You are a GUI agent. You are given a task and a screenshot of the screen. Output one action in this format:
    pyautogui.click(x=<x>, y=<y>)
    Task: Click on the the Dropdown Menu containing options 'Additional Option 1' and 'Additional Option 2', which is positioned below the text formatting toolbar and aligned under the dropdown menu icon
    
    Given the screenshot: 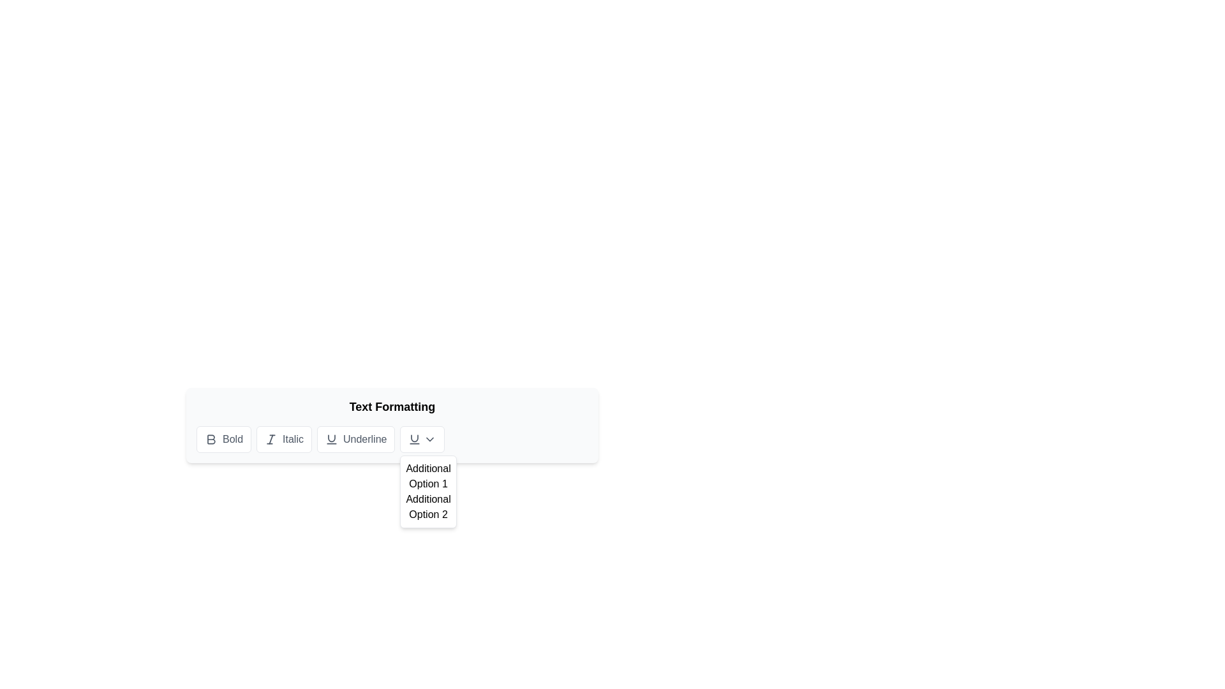 What is the action you would take?
    pyautogui.click(x=428, y=491)
    